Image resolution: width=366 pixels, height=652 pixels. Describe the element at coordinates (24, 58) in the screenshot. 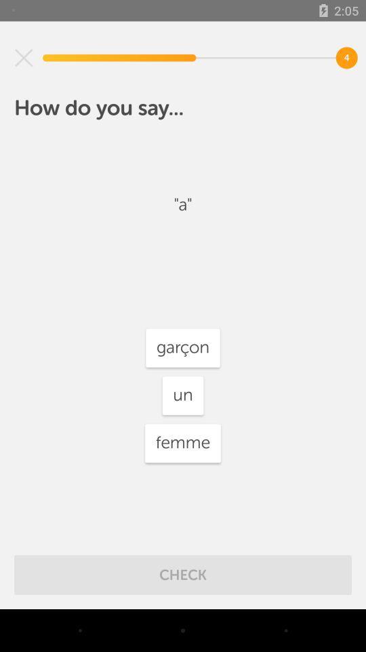

I see `the item above how do you` at that location.